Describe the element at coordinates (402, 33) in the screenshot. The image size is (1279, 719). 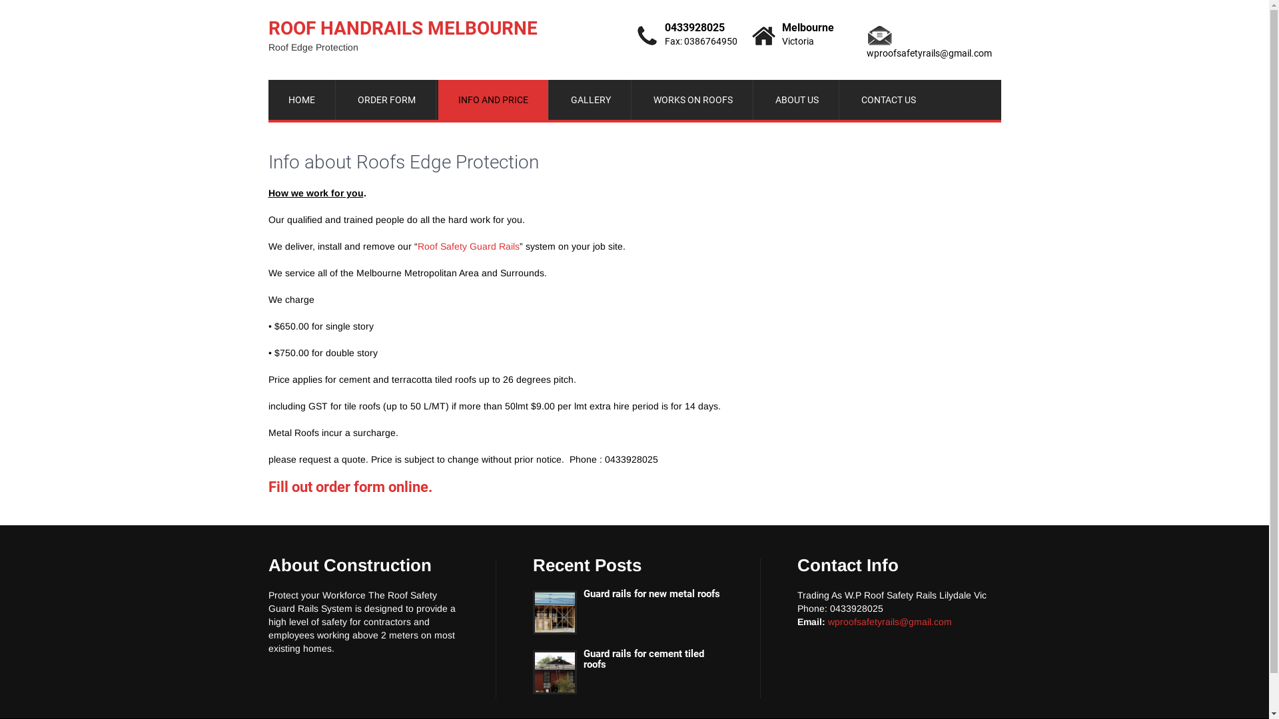
I see `'ROOF HANDRAILS MELBOURNE` at that location.